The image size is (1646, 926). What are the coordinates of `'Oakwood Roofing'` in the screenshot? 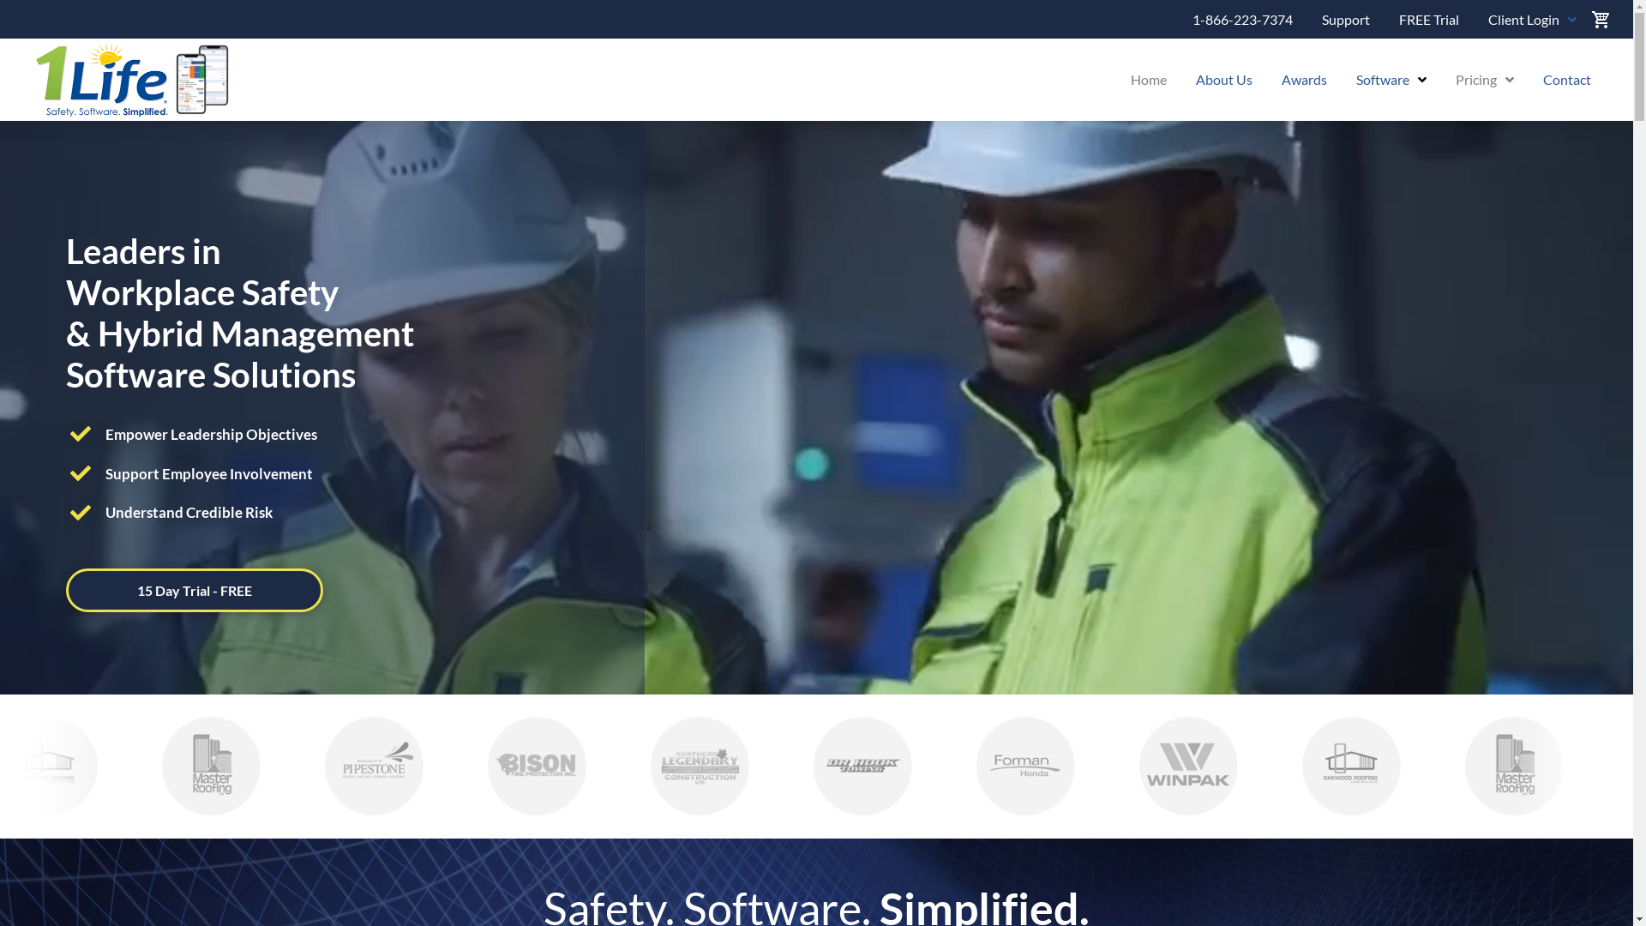 It's located at (1323, 765).